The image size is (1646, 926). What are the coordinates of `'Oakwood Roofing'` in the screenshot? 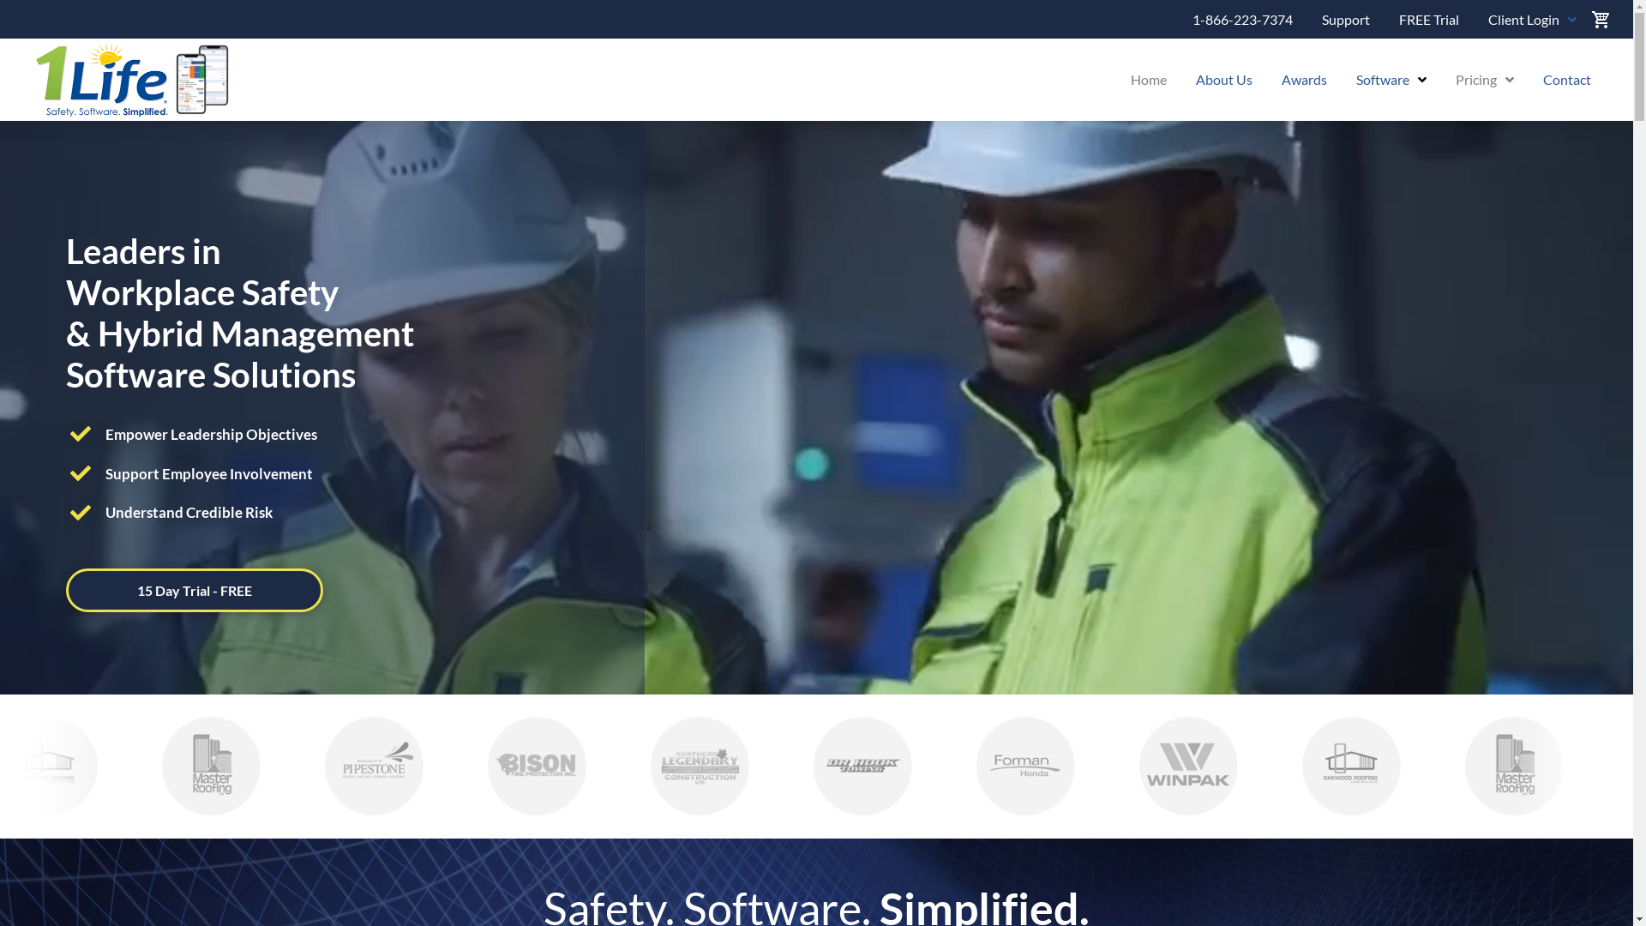 It's located at (1323, 765).